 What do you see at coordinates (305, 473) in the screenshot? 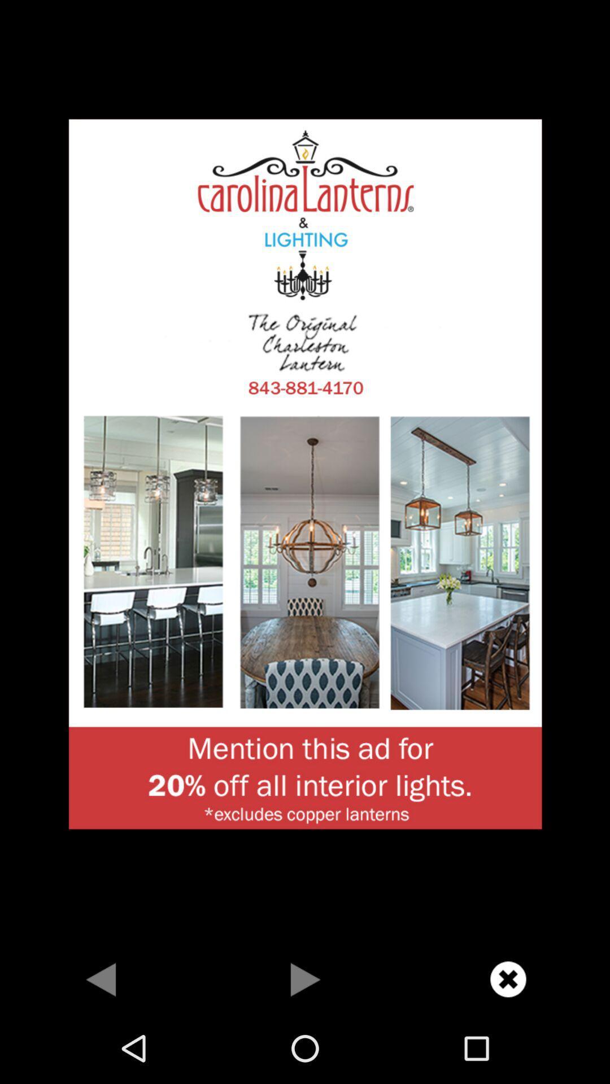
I see `open the advertisement` at bounding box center [305, 473].